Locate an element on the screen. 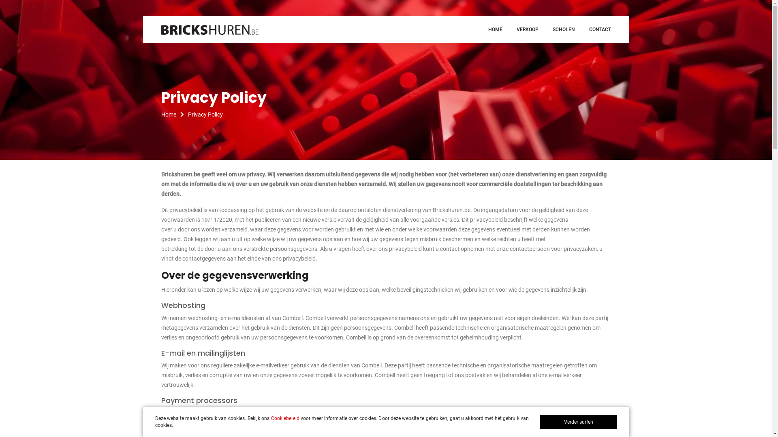 This screenshot has width=778, height=437. 'Verder surfen' is located at coordinates (539, 421).